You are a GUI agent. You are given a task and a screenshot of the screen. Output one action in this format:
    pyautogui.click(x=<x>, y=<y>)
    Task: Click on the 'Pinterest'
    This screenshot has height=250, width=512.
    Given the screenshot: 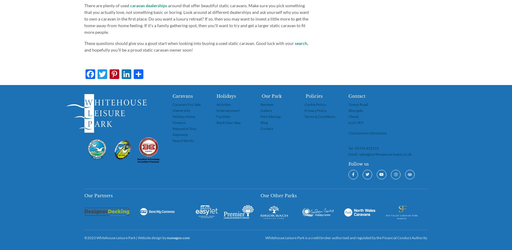 What is the action you would take?
    pyautogui.click(x=139, y=74)
    